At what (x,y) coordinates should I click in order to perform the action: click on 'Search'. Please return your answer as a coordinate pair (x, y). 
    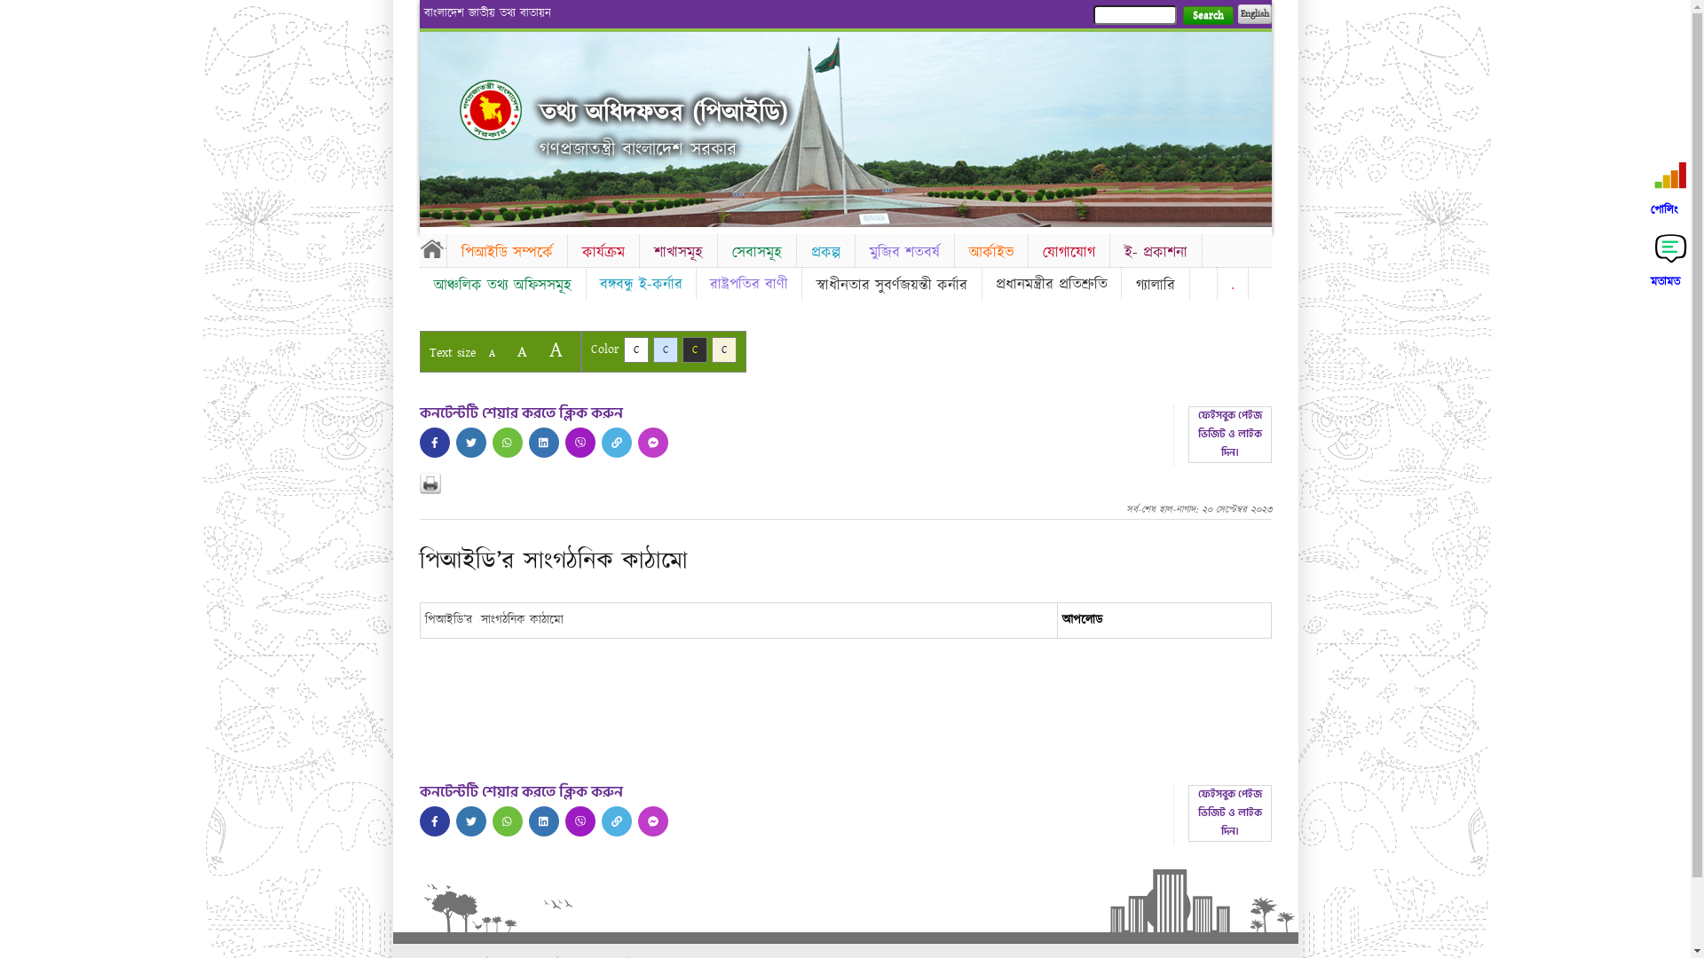
    Looking at the image, I should click on (1207, 15).